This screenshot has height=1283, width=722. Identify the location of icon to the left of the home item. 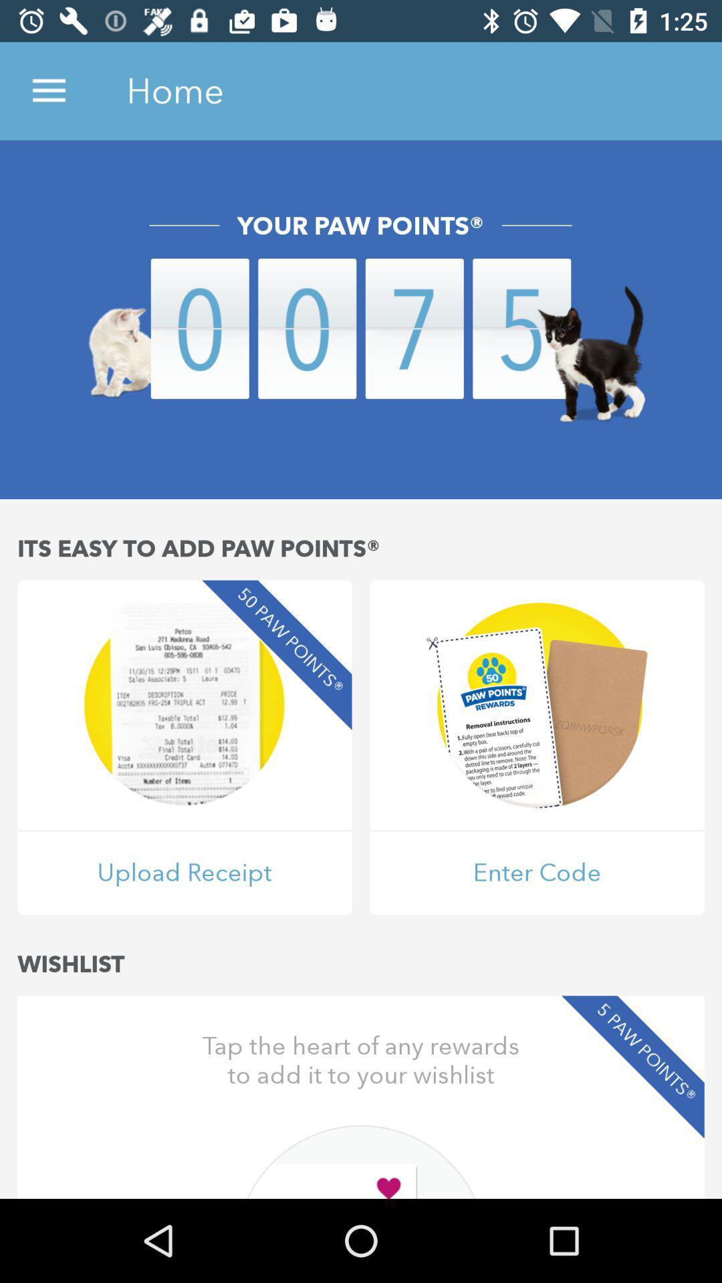
(48, 90).